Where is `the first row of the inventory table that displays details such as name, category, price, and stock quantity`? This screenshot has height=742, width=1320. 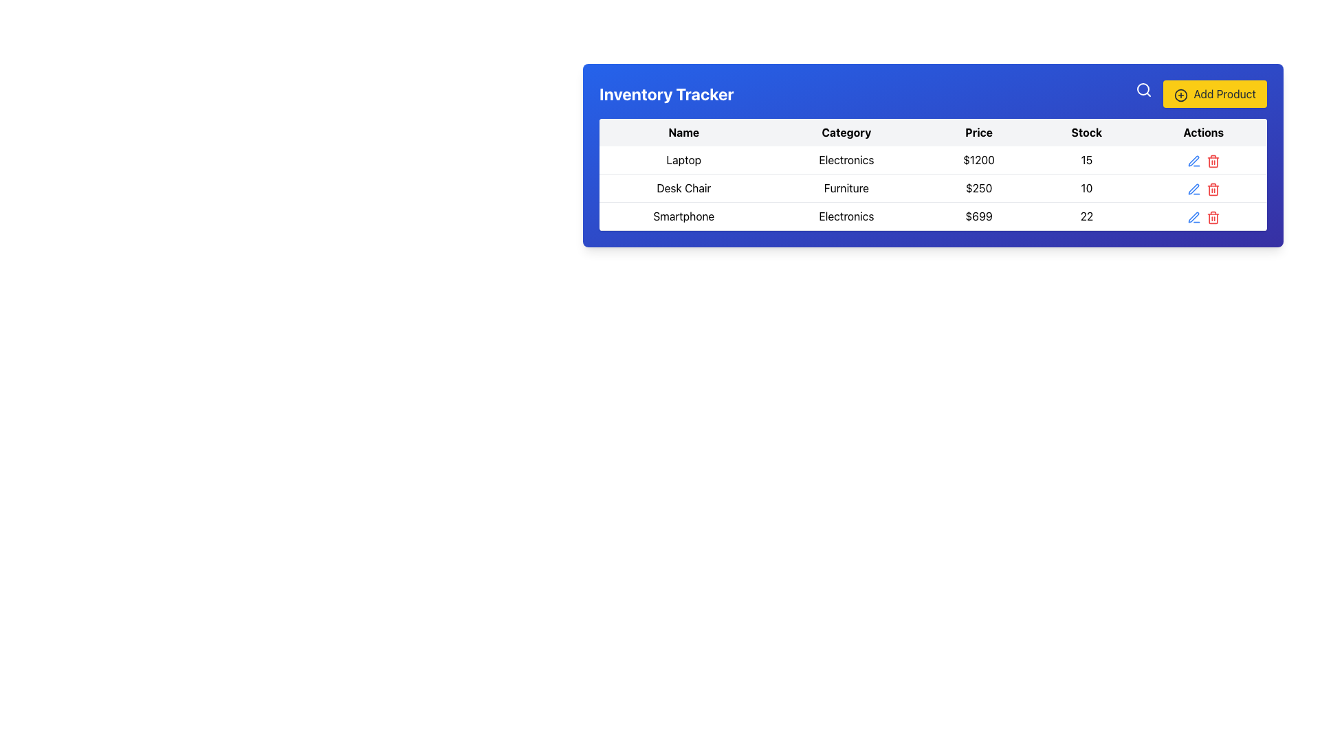
the first row of the inventory table that displays details such as name, category, price, and stock quantity is located at coordinates (933, 159).